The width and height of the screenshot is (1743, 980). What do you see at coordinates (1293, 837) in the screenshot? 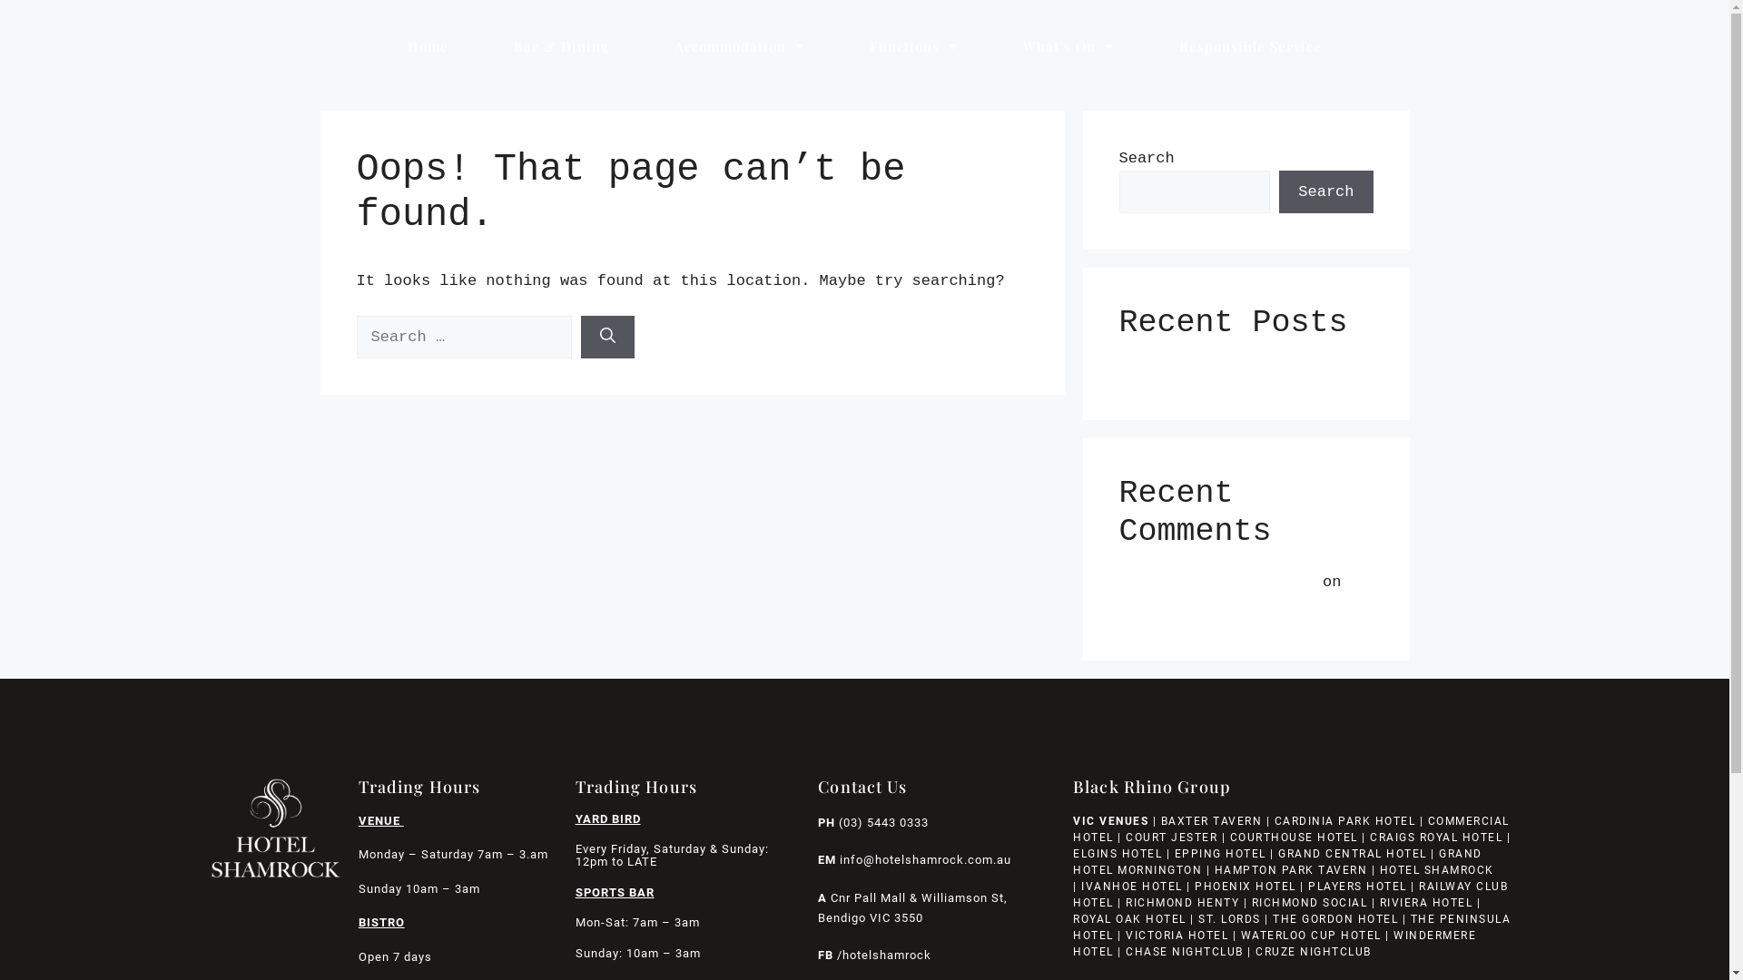
I see `'COURTHOUSE HOTEL'` at bounding box center [1293, 837].